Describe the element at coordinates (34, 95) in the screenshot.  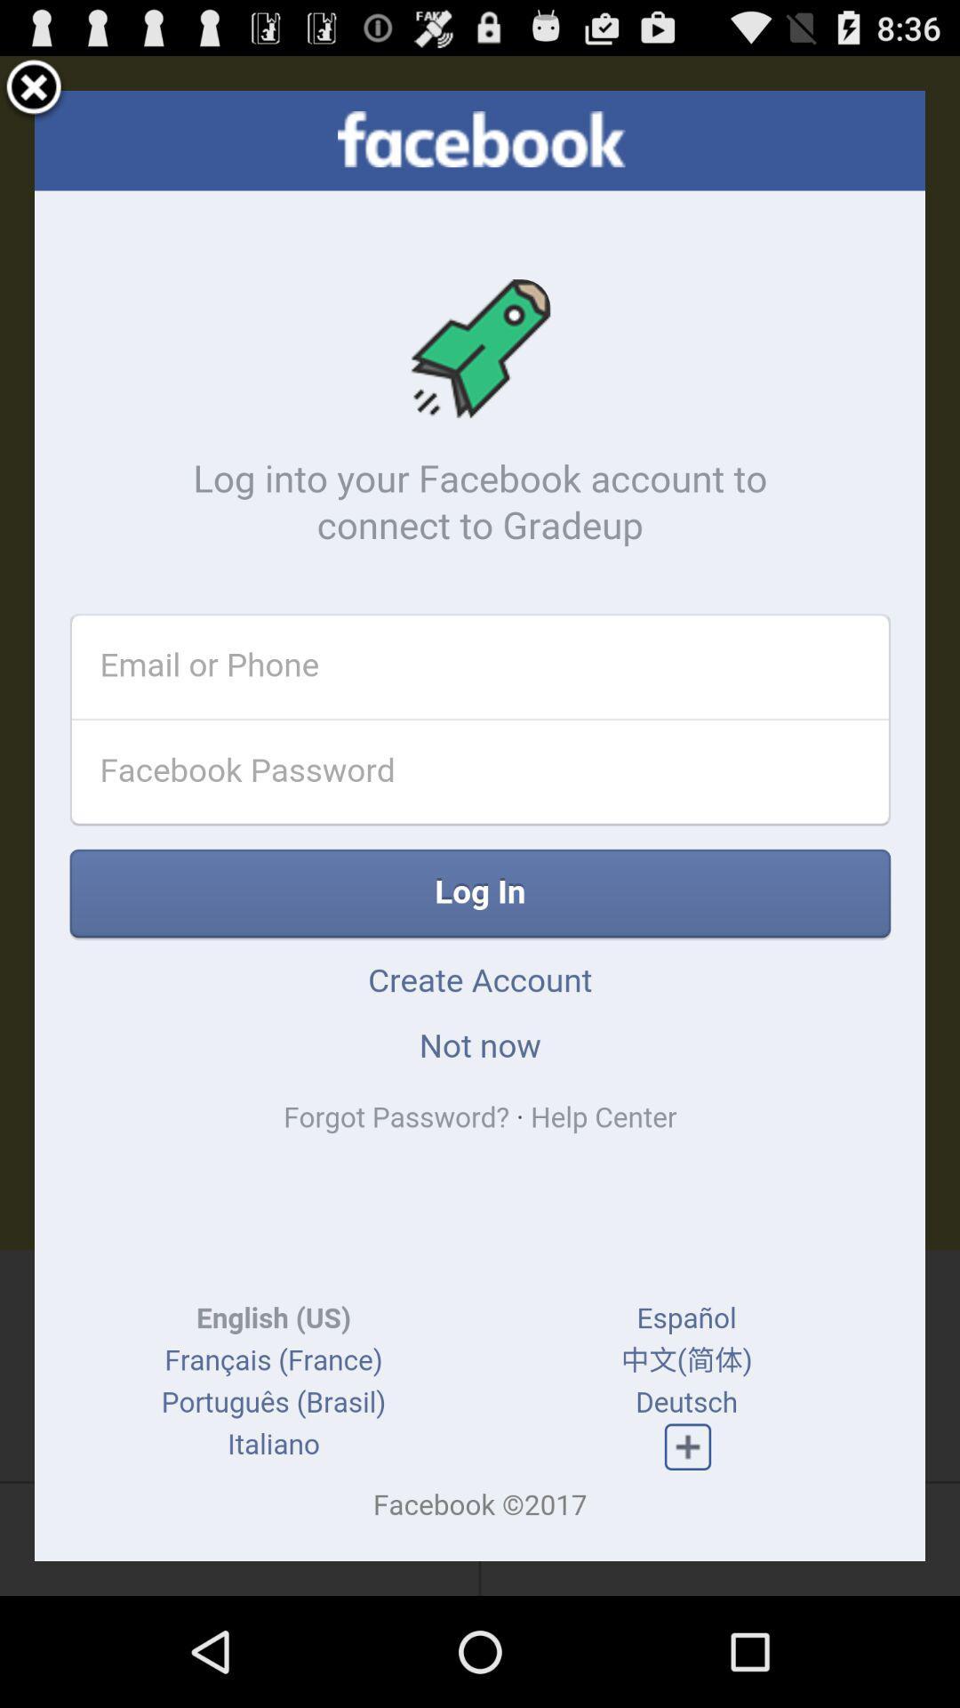
I see `the close icon` at that location.